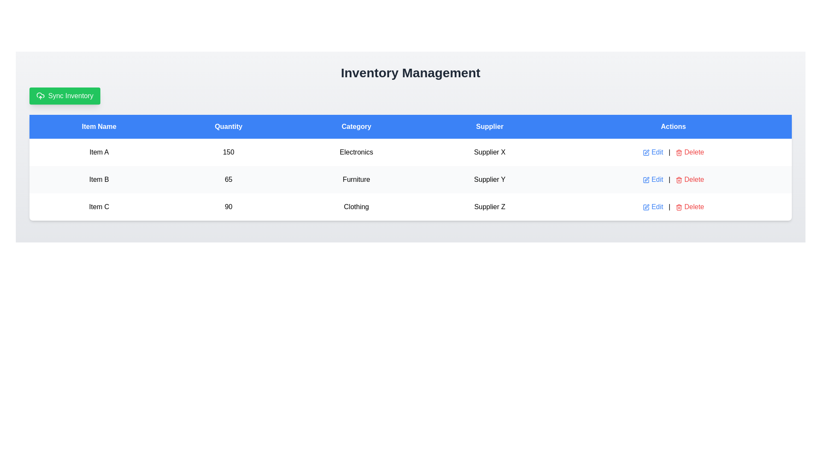 This screenshot has width=820, height=461. What do you see at coordinates (64, 96) in the screenshot?
I see `the green rectangular button labeled 'Sync Inventory' with a cloud icon` at bounding box center [64, 96].